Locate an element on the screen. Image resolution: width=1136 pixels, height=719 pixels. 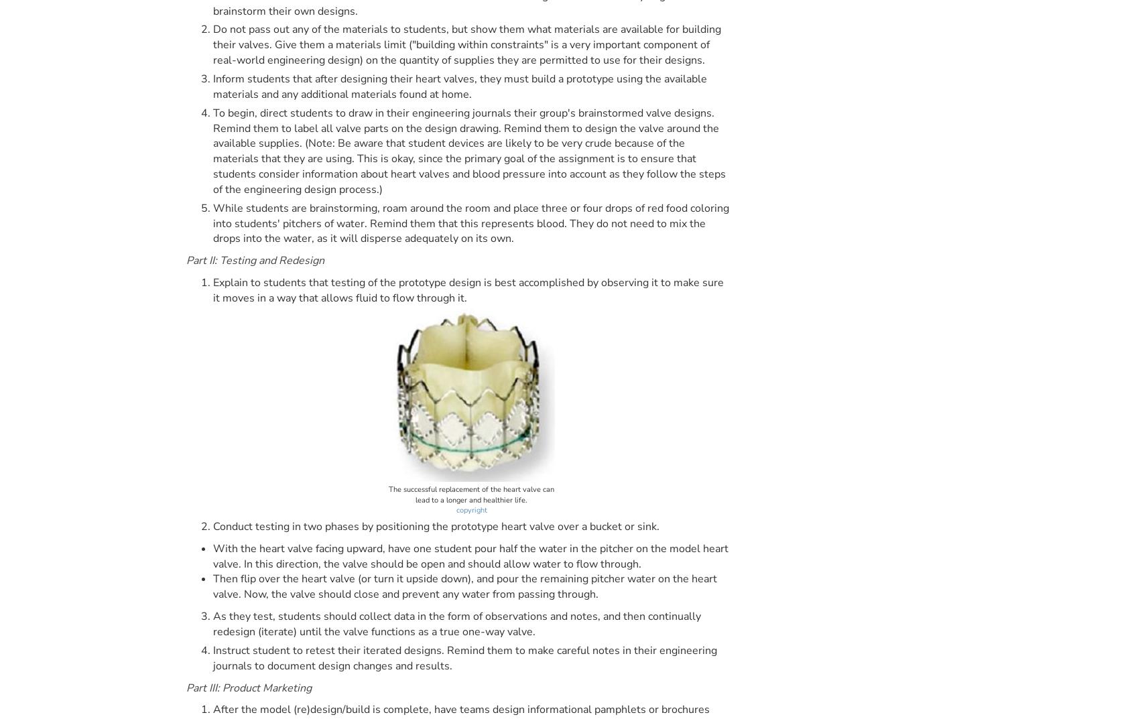
'Do not pass out any of the materials to students, but show them what materials are available for building their valves. Give them a materials limit ("building within constraints" is a very important component of real-world engineering design) on the quantity of supplies they are permitted to use for their designs.' is located at coordinates (466, 44).